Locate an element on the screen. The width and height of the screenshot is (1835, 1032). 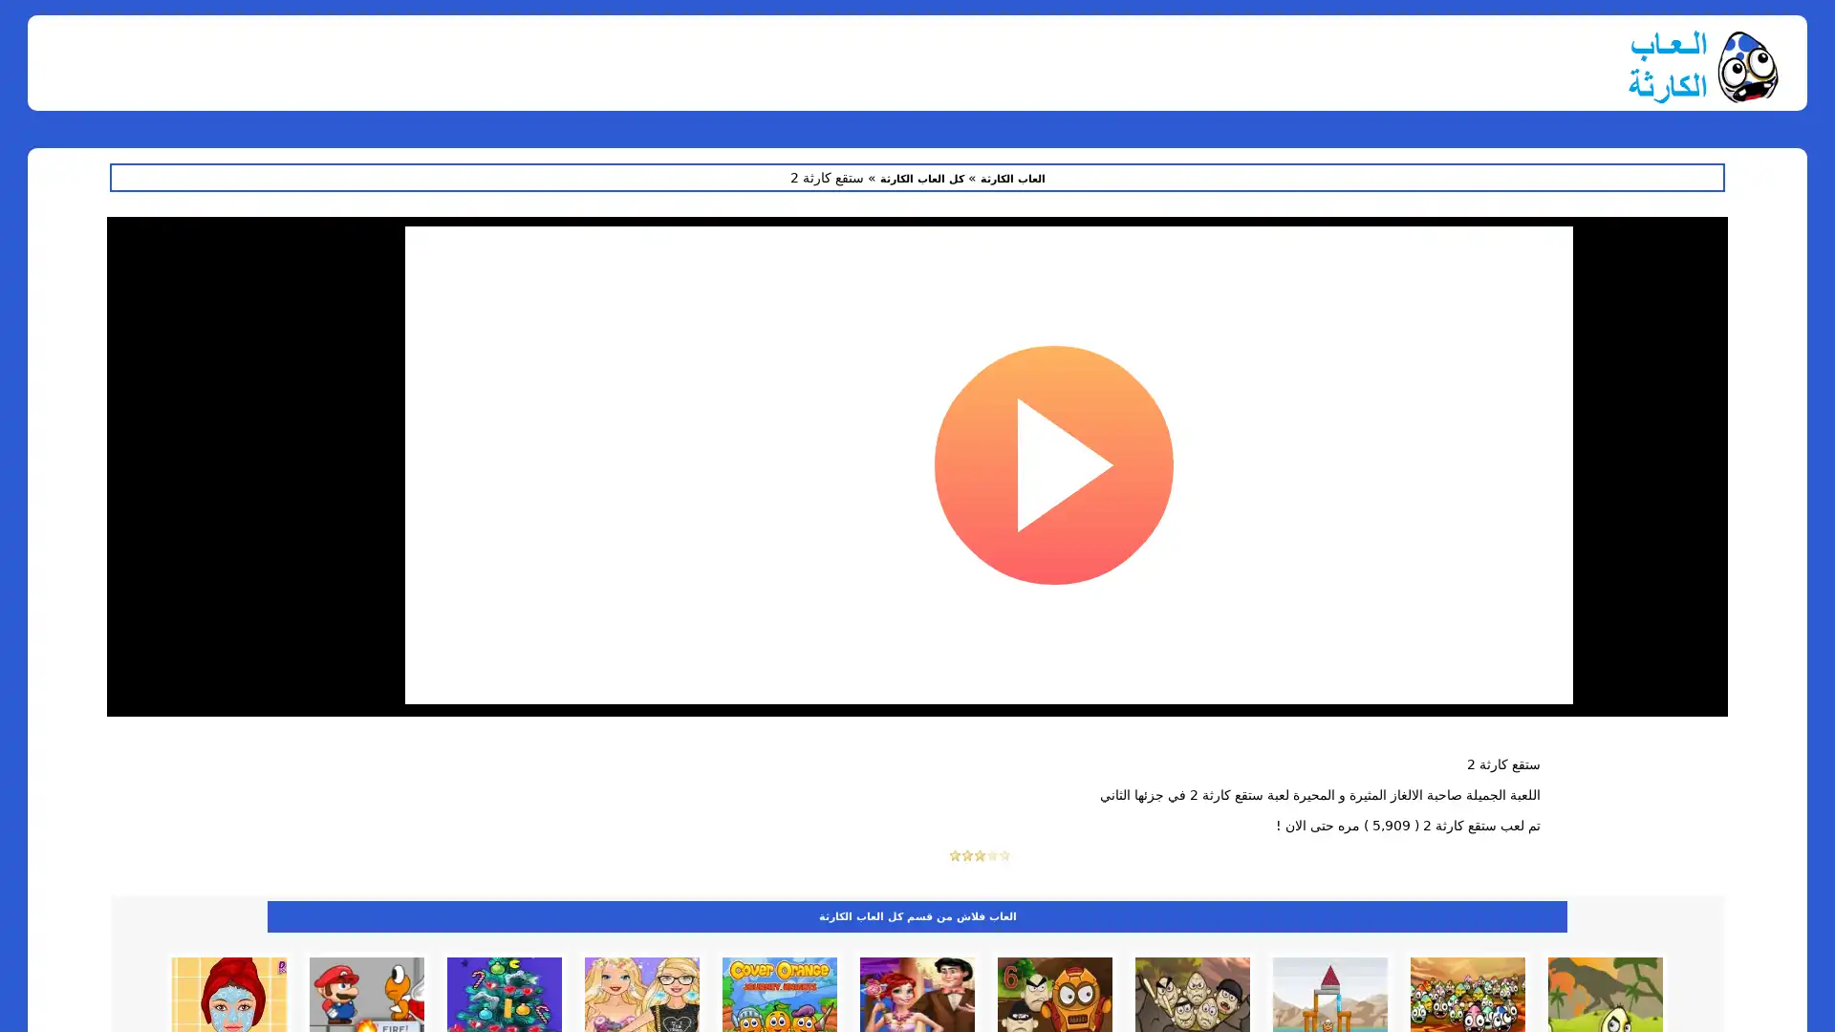
Run anyway is located at coordinates (988, 489).